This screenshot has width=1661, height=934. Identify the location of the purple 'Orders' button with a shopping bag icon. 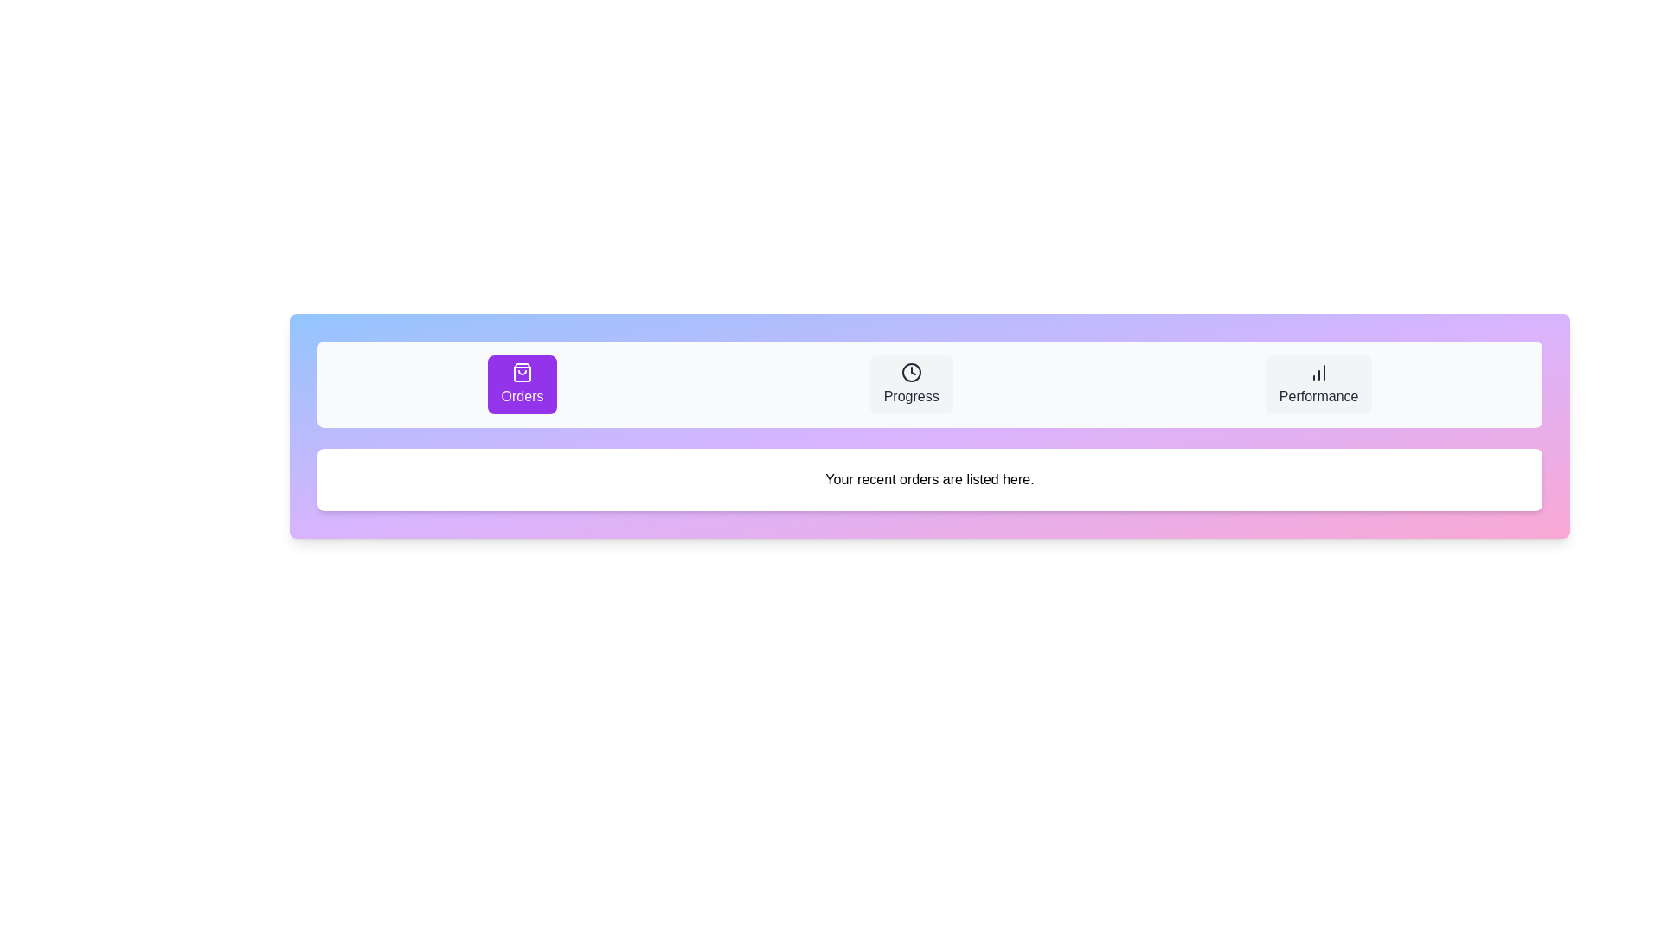
(522, 383).